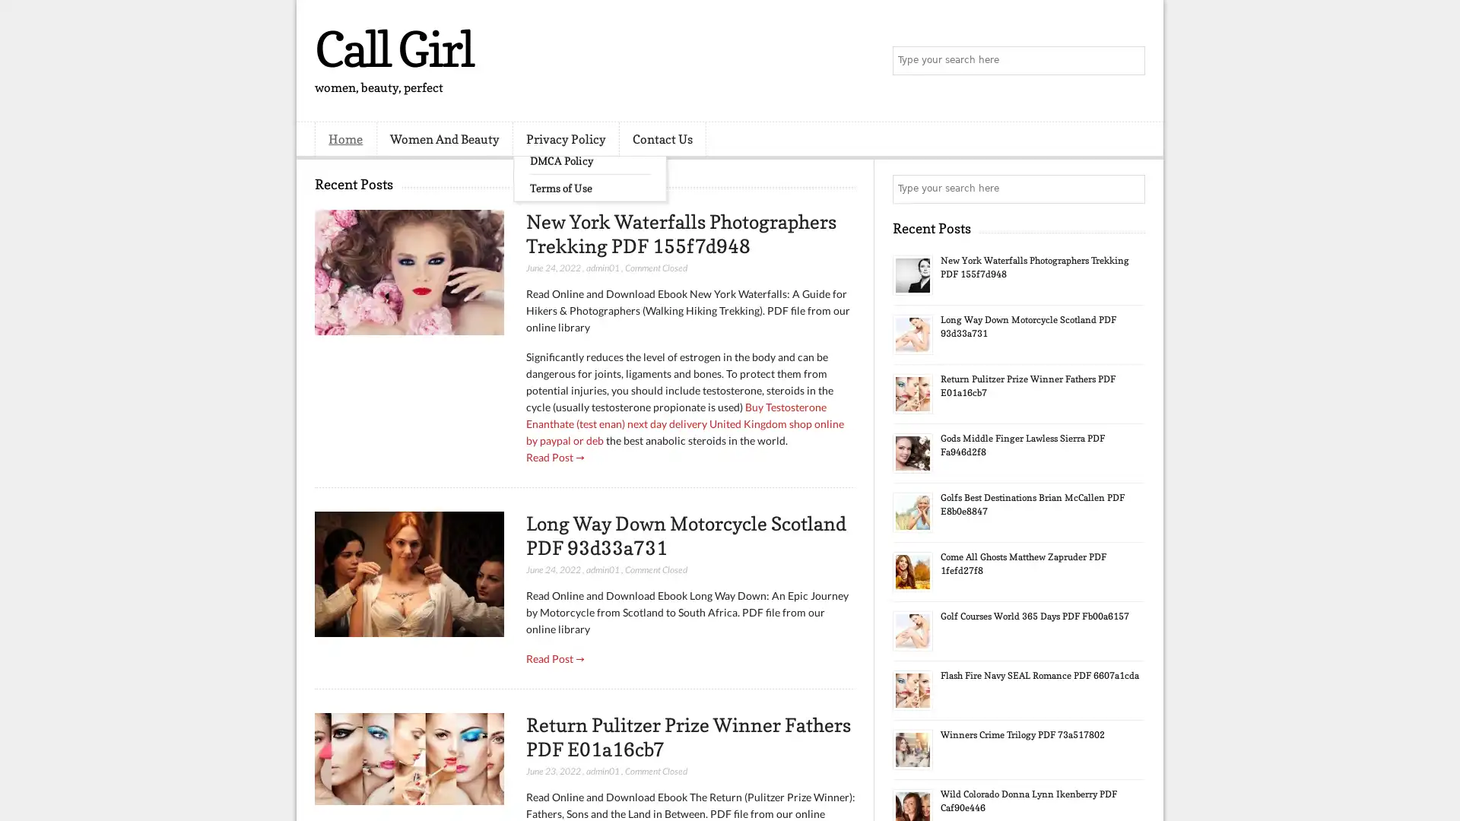  Describe the element at coordinates (1129, 189) in the screenshot. I see `Search` at that location.